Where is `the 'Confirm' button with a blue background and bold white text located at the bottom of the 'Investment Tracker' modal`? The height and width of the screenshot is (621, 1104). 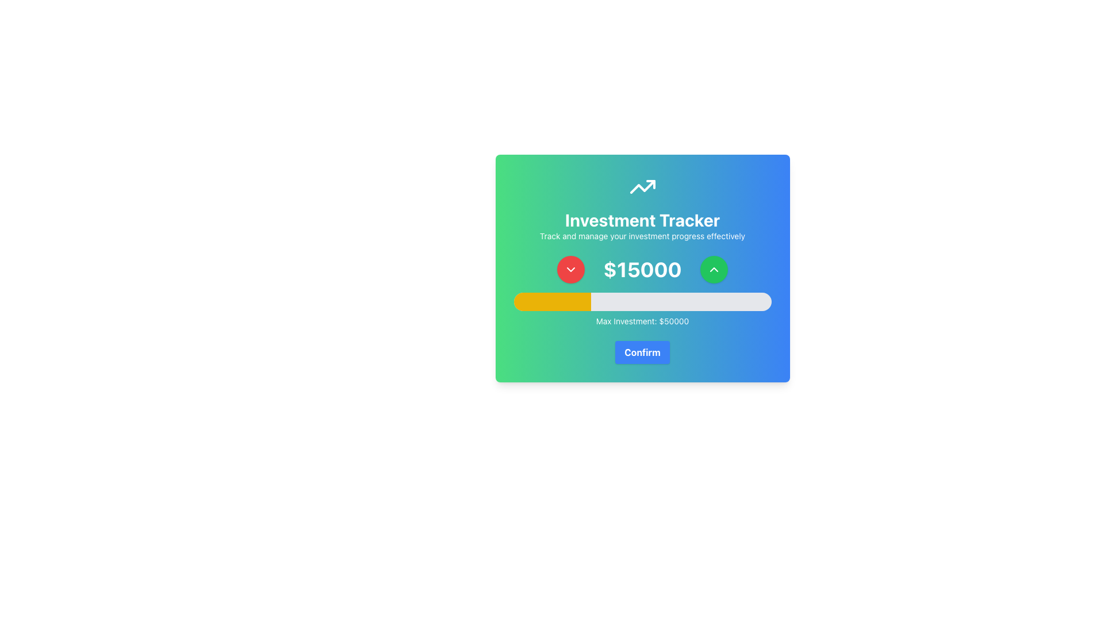 the 'Confirm' button with a blue background and bold white text located at the bottom of the 'Investment Tracker' modal is located at coordinates (642, 352).